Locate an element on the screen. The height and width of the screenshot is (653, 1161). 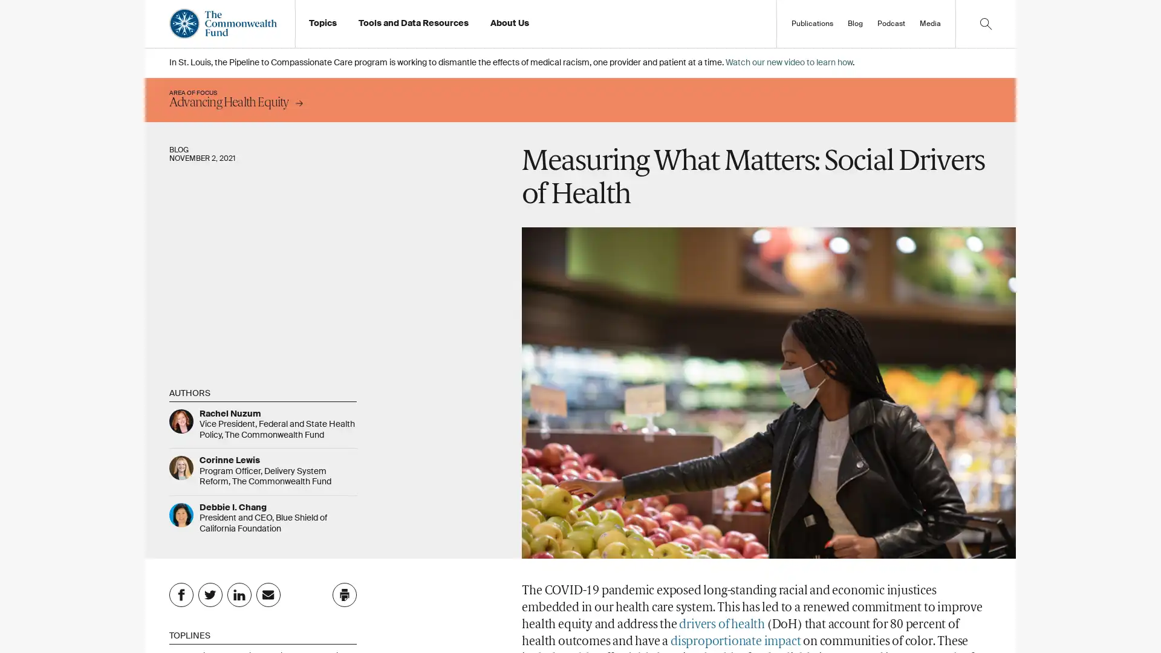
Click to print this page is located at coordinates (344, 594).